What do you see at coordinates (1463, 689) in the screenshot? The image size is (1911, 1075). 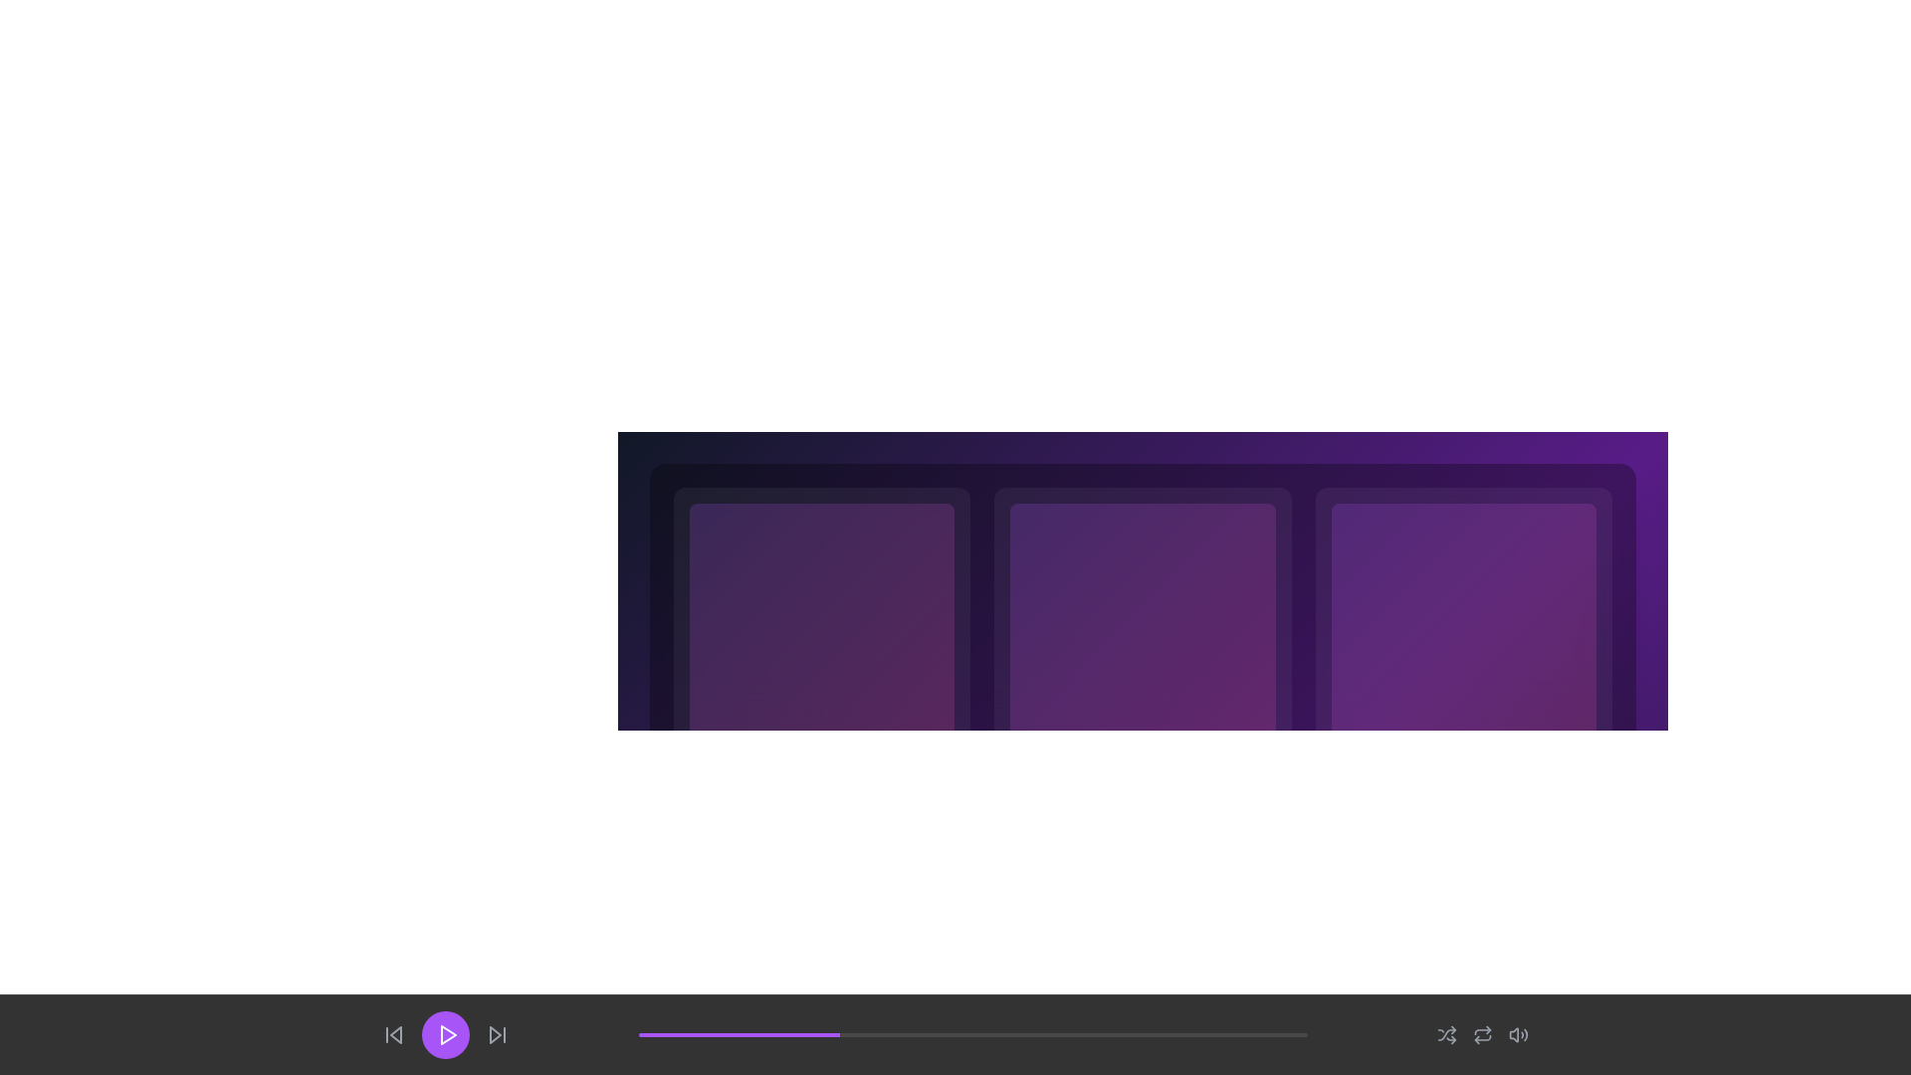 I see `the fourth music playlist card located in the grid layout` at bounding box center [1463, 689].